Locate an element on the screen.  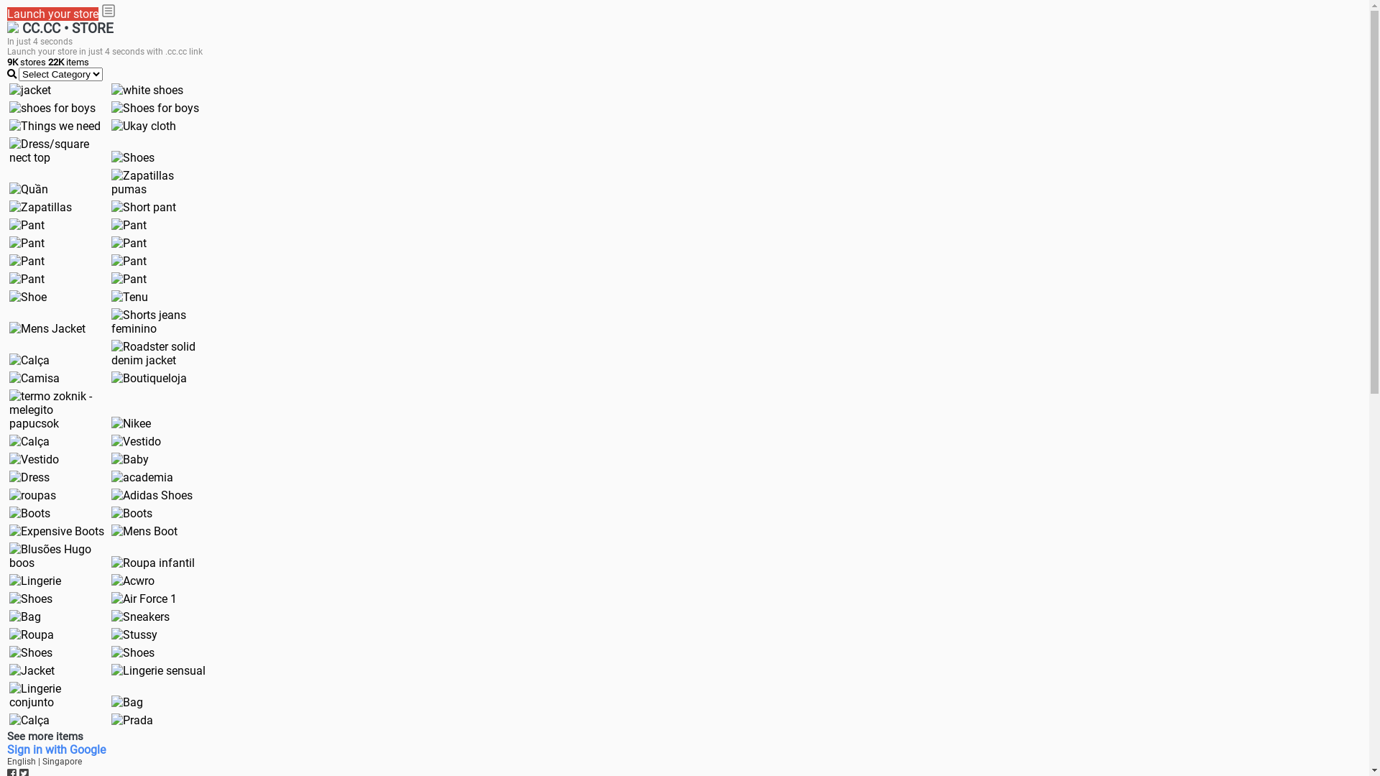
'Pant' is located at coordinates (129, 261).